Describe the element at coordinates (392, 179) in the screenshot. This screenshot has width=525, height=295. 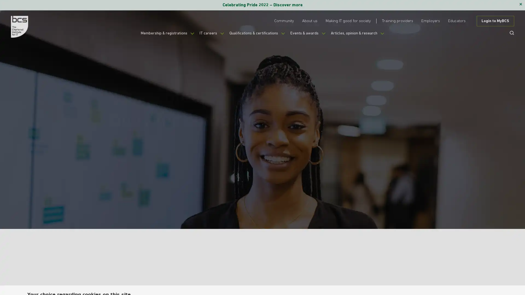
I see `Scroll to discover` at that location.